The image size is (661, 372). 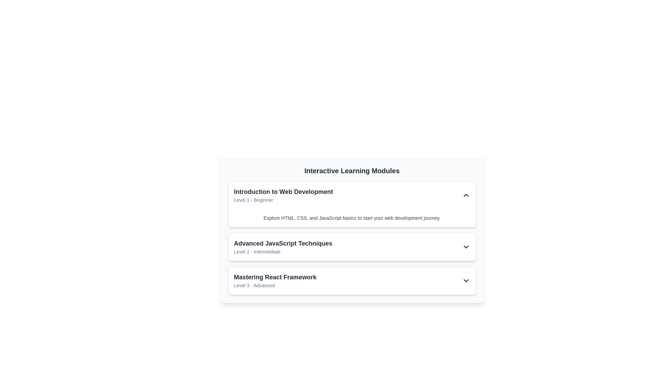 What do you see at coordinates (352, 218) in the screenshot?
I see `descriptive text located below the title 'Introduction to Web Development,' which provides contextual information about the module` at bounding box center [352, 218].